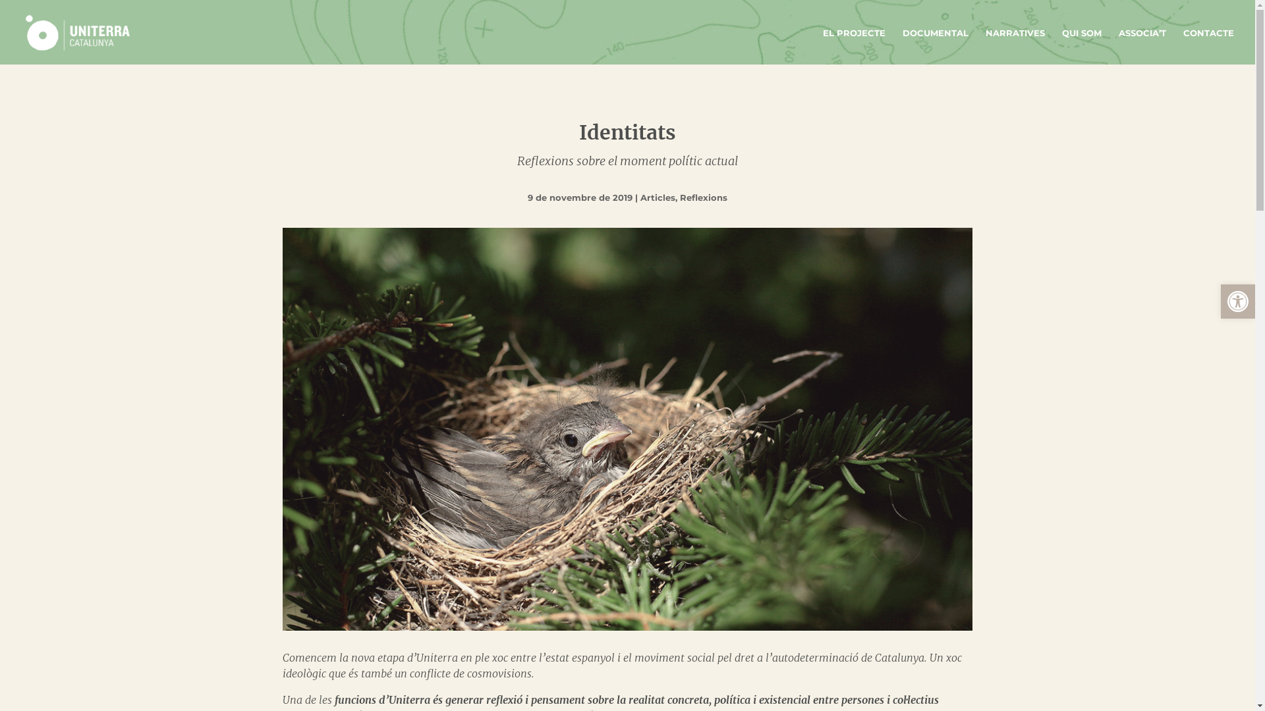  Describe the element at coordinates (1220, 302) in the screenshot. I see `'Open toolbar` at that location.